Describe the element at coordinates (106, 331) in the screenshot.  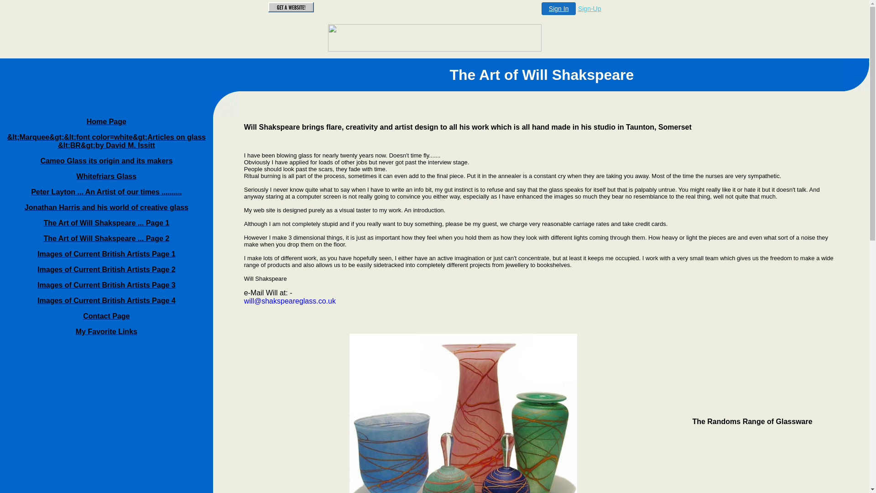
I see `'My Favorite Links'` at that location.